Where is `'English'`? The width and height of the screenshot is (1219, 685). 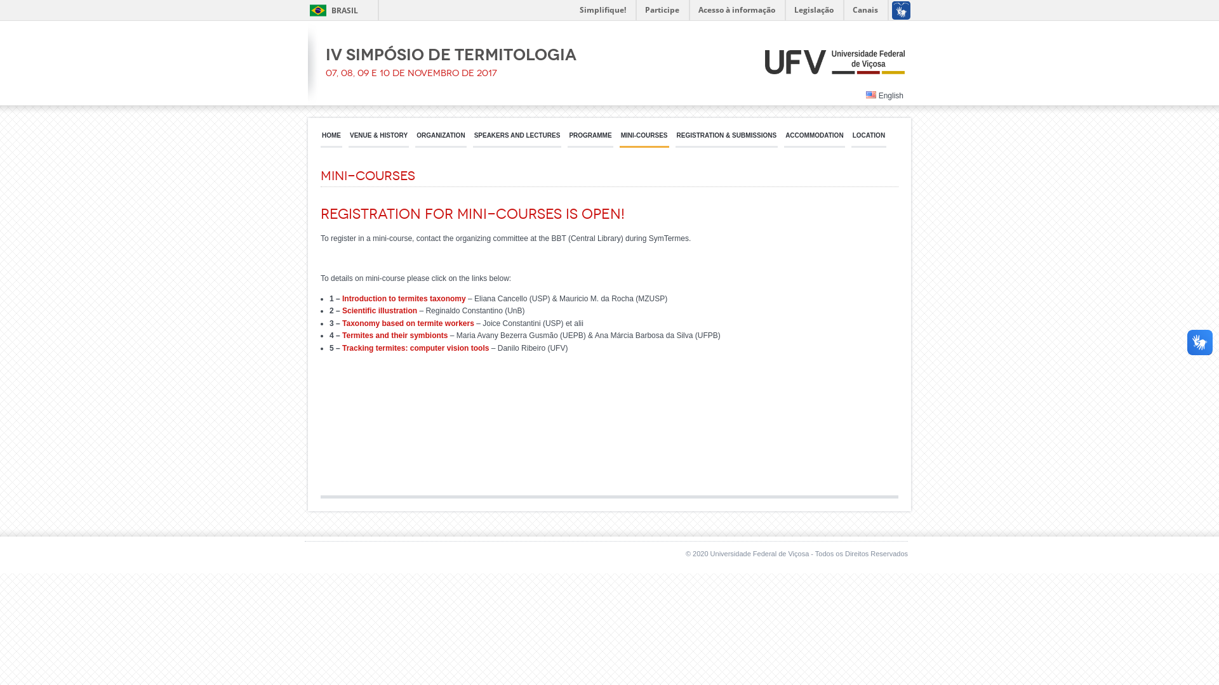
'English' is located at coordinates (884, 95).